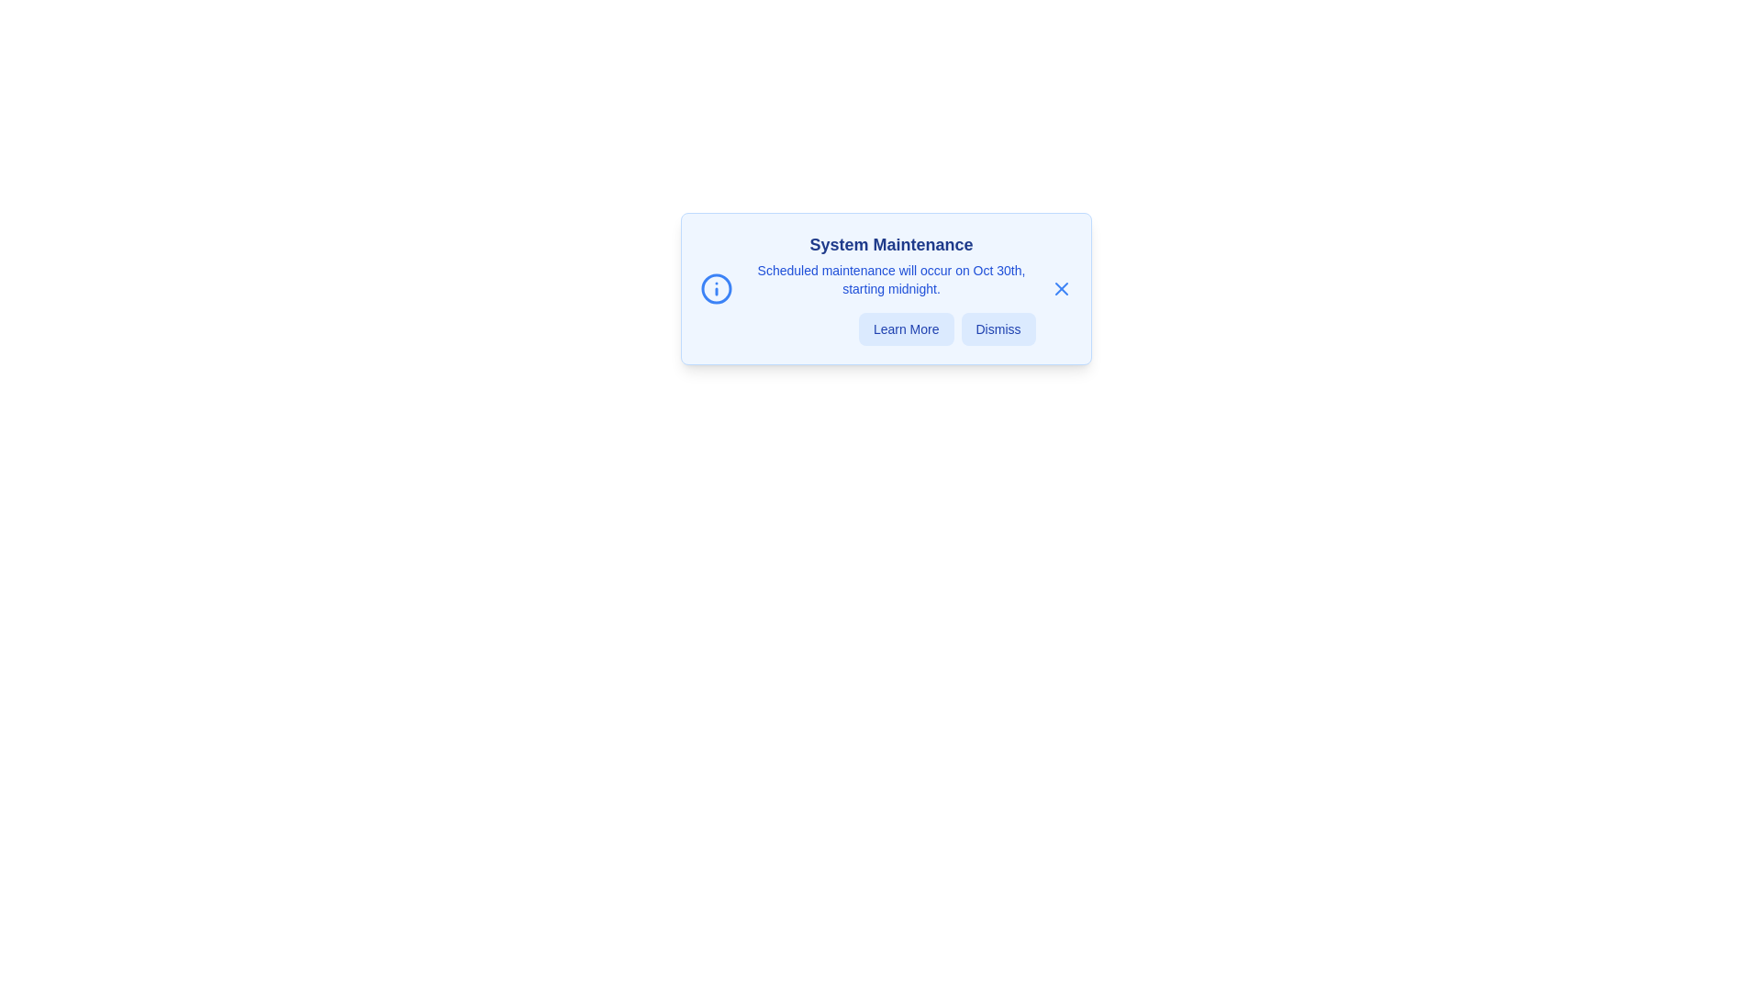 The width and height of the screenshot is (1762, 991). What do you see at coordinates (998, 328) in the screenshot?
I see `the dismiss button located at the bottom-right corner of the 'System Maintenance' card to observe the hover effect` at bounding box center [998, 328].